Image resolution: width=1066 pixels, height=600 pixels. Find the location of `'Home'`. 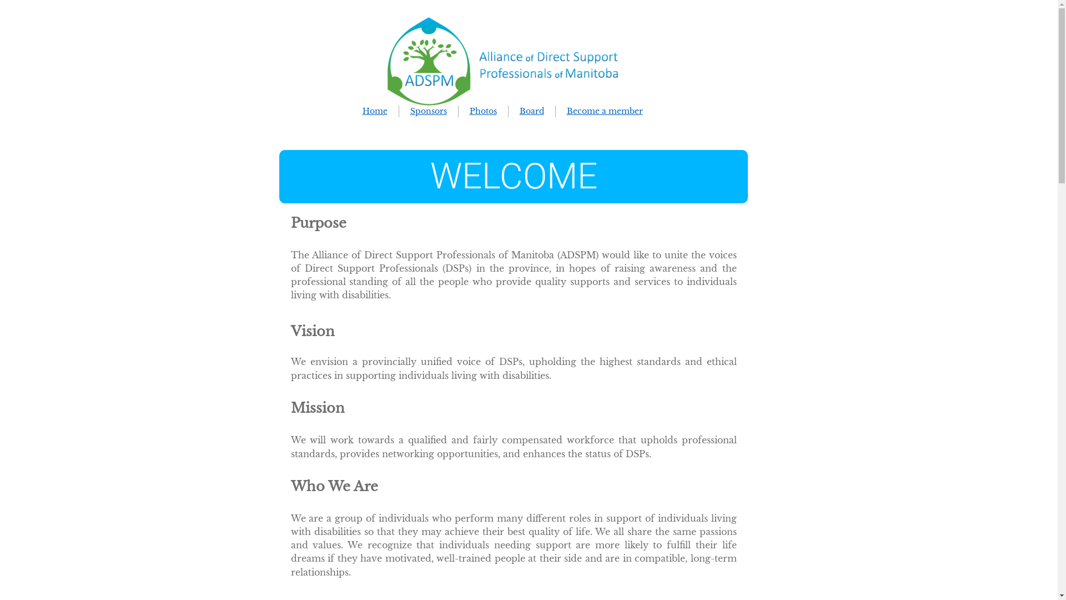

'Home' is located at coordinates (362, 111).